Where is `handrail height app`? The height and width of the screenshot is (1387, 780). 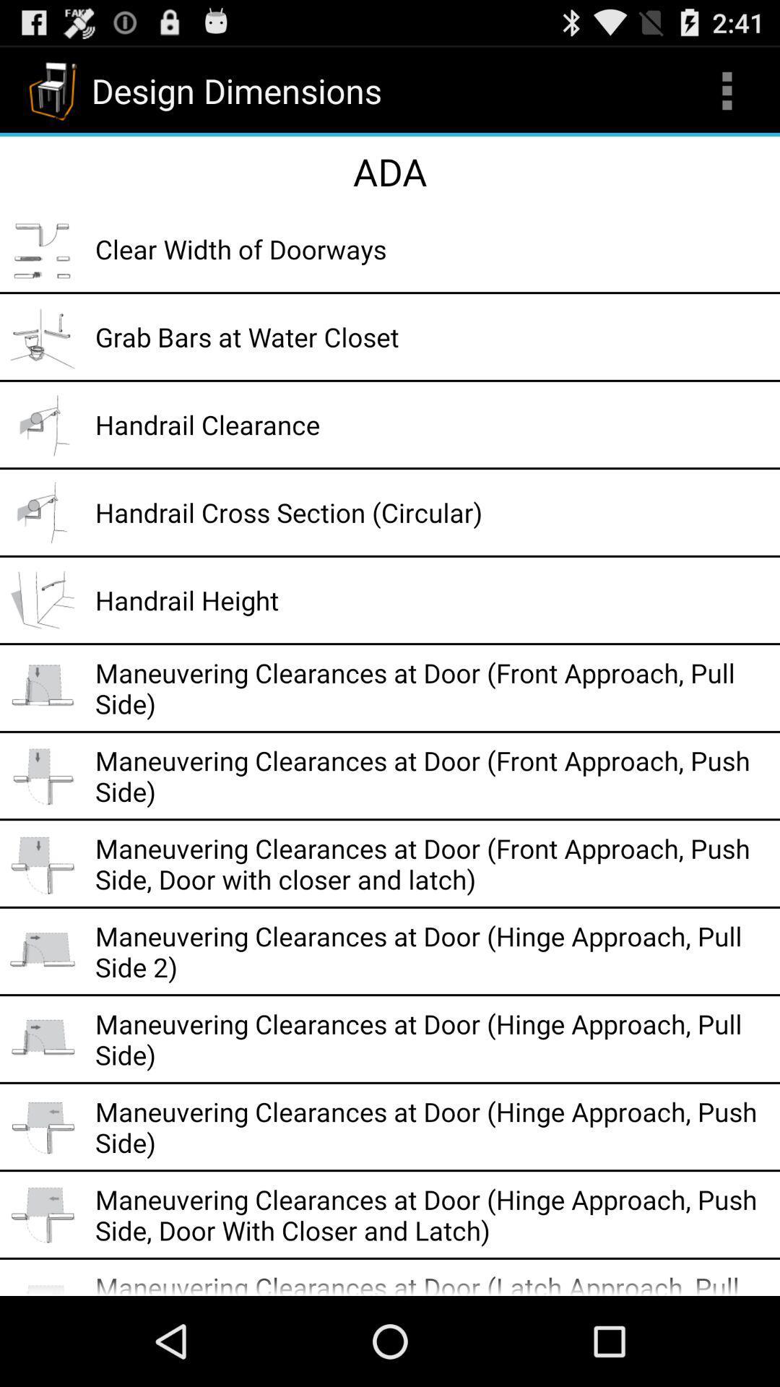
handrail height app is located at coordinates (432, 600).